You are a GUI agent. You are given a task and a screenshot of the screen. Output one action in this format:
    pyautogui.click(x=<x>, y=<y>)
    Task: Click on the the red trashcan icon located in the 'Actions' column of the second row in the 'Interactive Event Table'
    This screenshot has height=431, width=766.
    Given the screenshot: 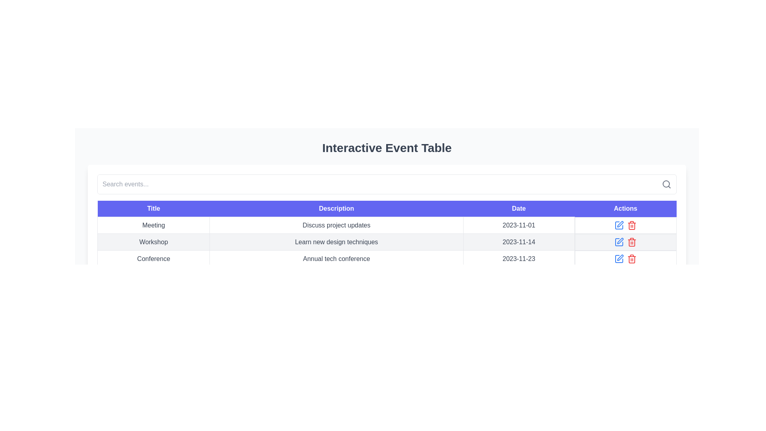 What is the action you would take?
    pyautogui.click(x=632, y=241)
    